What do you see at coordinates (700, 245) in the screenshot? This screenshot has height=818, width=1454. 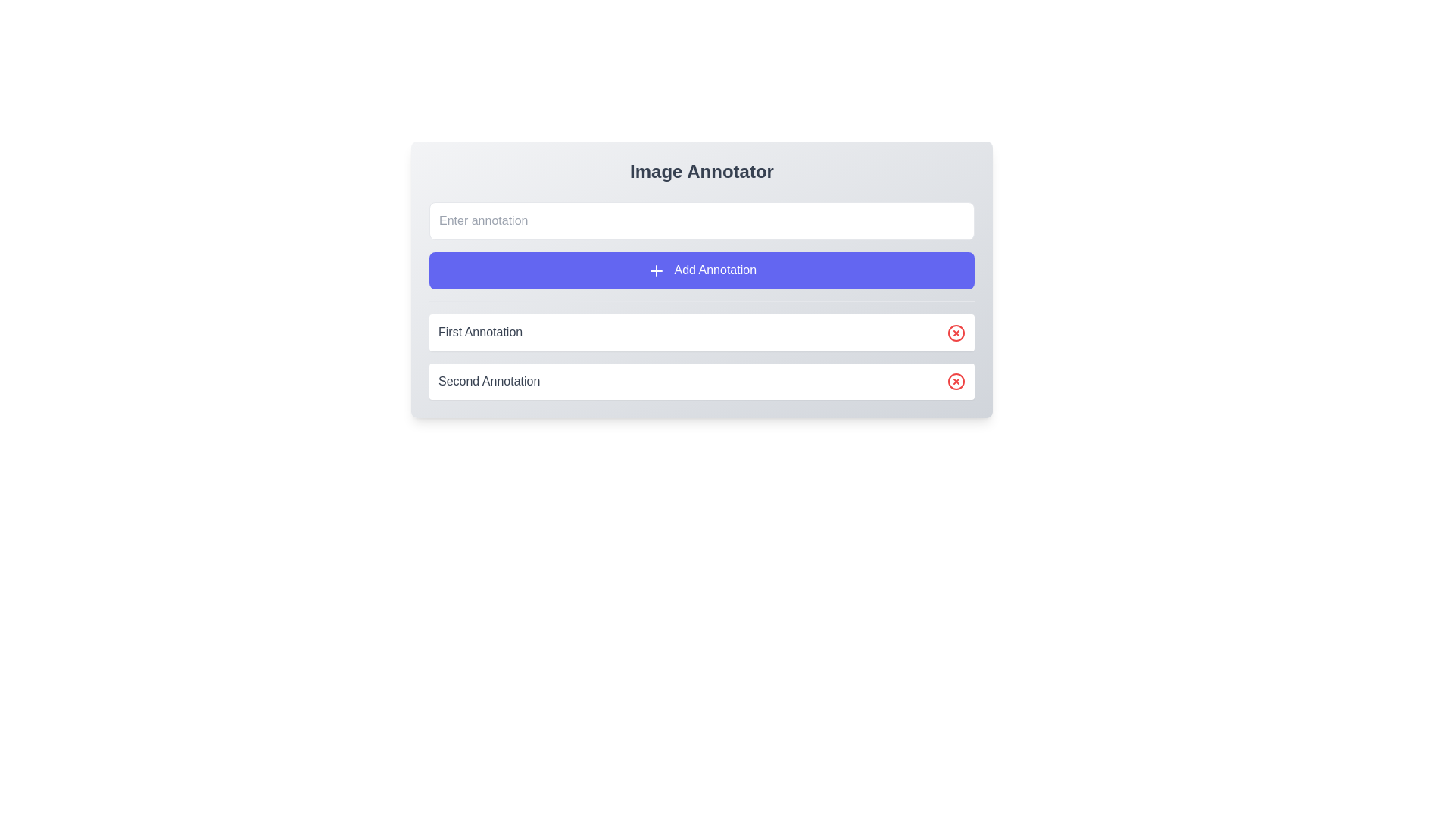 I see `the 'Add Annotation' button located directly under the input field for entering annotations` at bounding box center [700, 245].